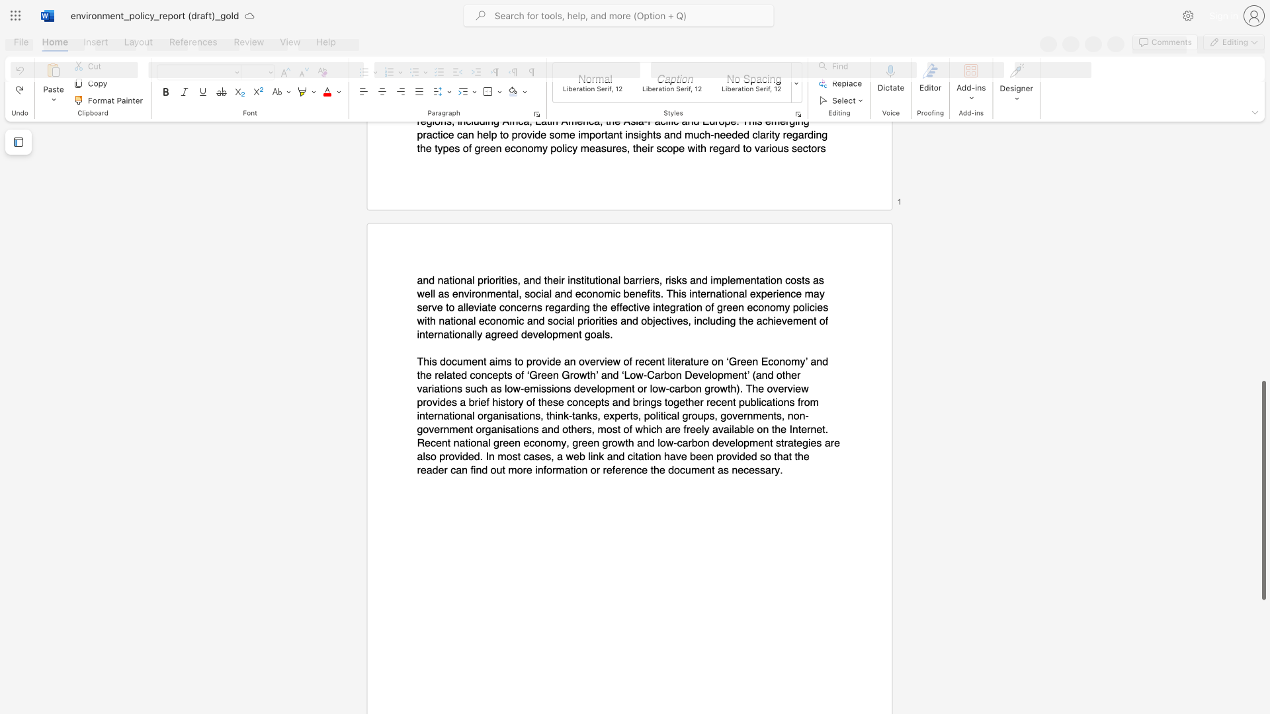 The height and width of the screenshot is (714, 1270). Describe the element at coordinates (1263, 138) in the screenshot. I see `the scrollbar on the right side to scroll the page up` at that location.